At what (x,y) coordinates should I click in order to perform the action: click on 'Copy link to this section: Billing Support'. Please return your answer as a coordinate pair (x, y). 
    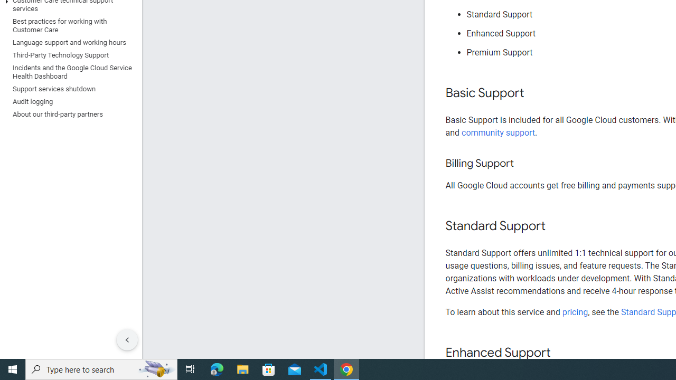
    Looking at the image, I should click on (524, 164).